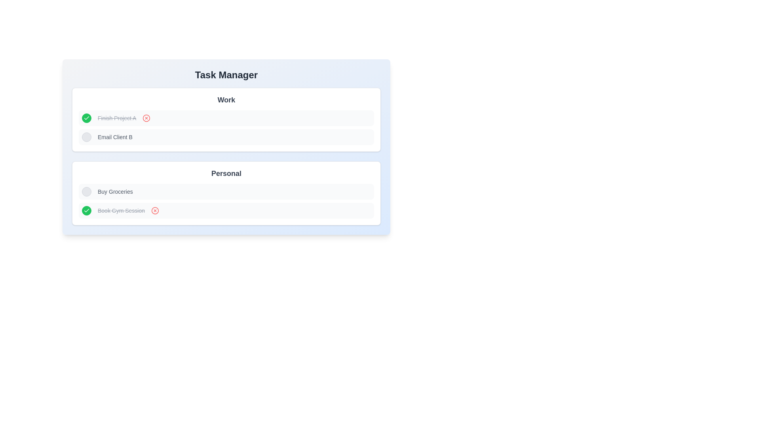 Image resolution: width=760 pixels, height=427 pixels. I want to click on the circular graphical element with a red fill, located to the far-right of the 'Book Gym Session' task entry in the 'Personal' section of the task list, for visual cues or changes, so click(155, 210).